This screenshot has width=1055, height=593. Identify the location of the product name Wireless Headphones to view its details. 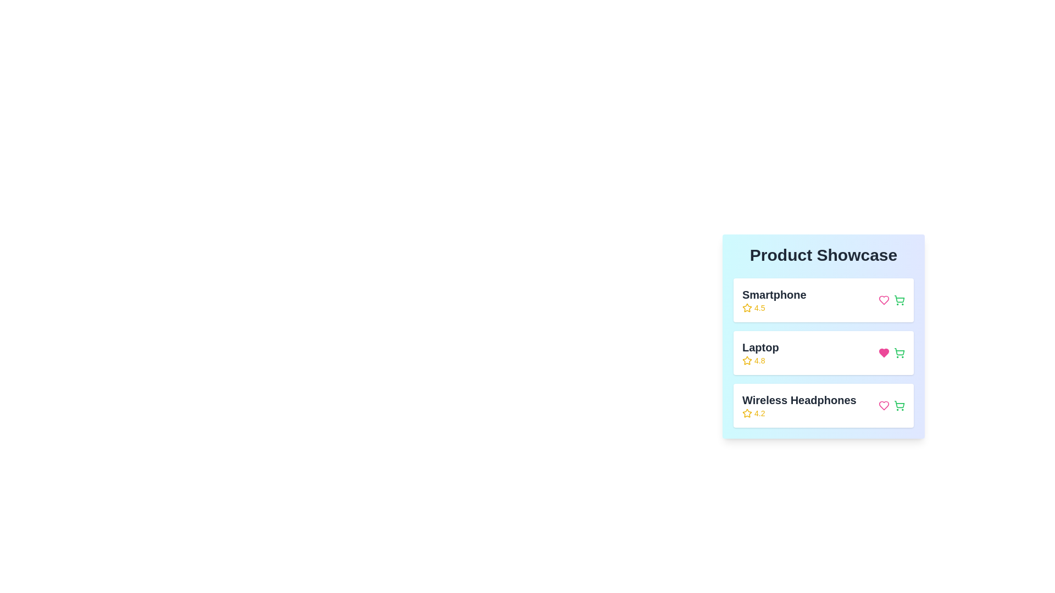
(799, 406).